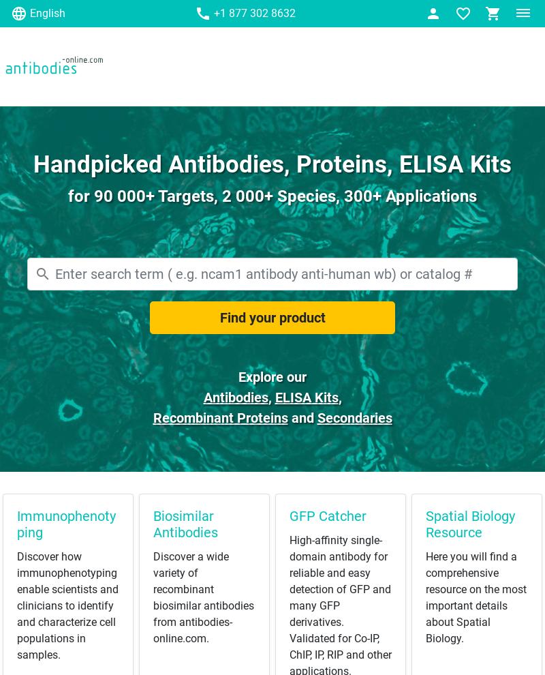  I want to click on 'for 90 000+ Targets, 2 000+ Species, 300+ Applications', so click(272, 196).